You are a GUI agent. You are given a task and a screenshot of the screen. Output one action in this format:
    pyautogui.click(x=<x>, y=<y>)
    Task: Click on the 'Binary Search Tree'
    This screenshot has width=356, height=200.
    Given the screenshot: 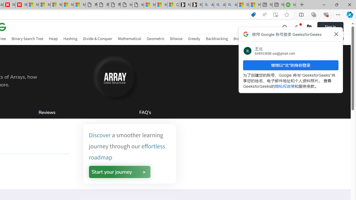 What is the action you would take?
    pyautogui.click(x=27, y=38)
    